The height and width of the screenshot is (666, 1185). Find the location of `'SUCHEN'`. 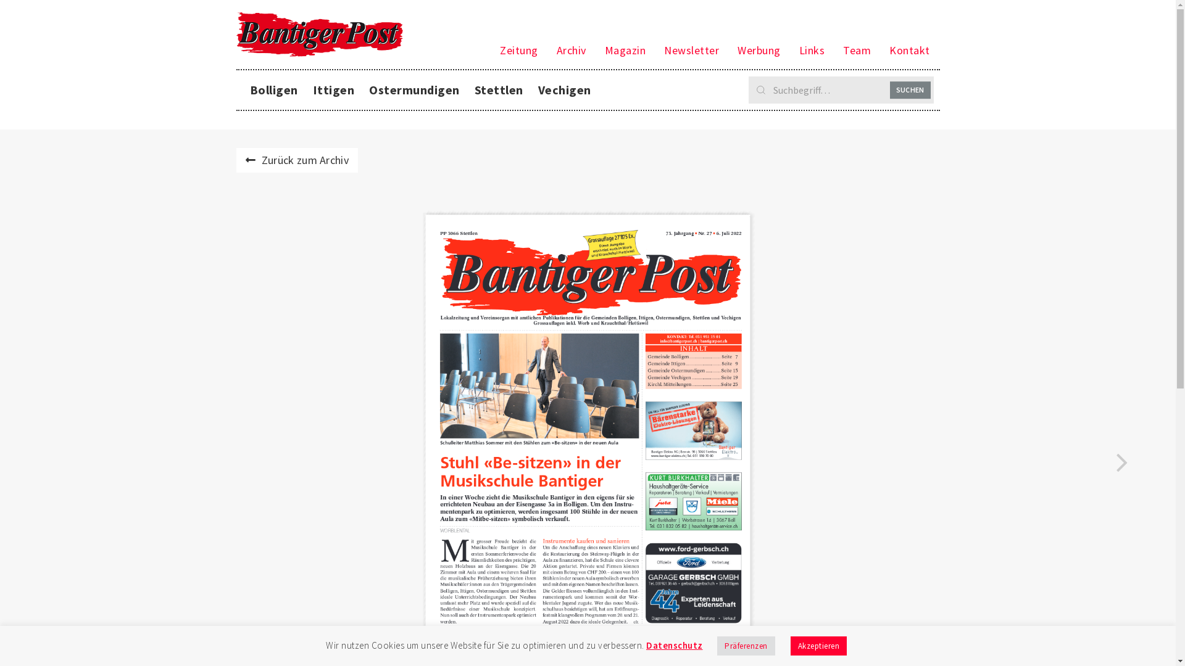

'SUCHEN' is located at coordinates (889, 89).